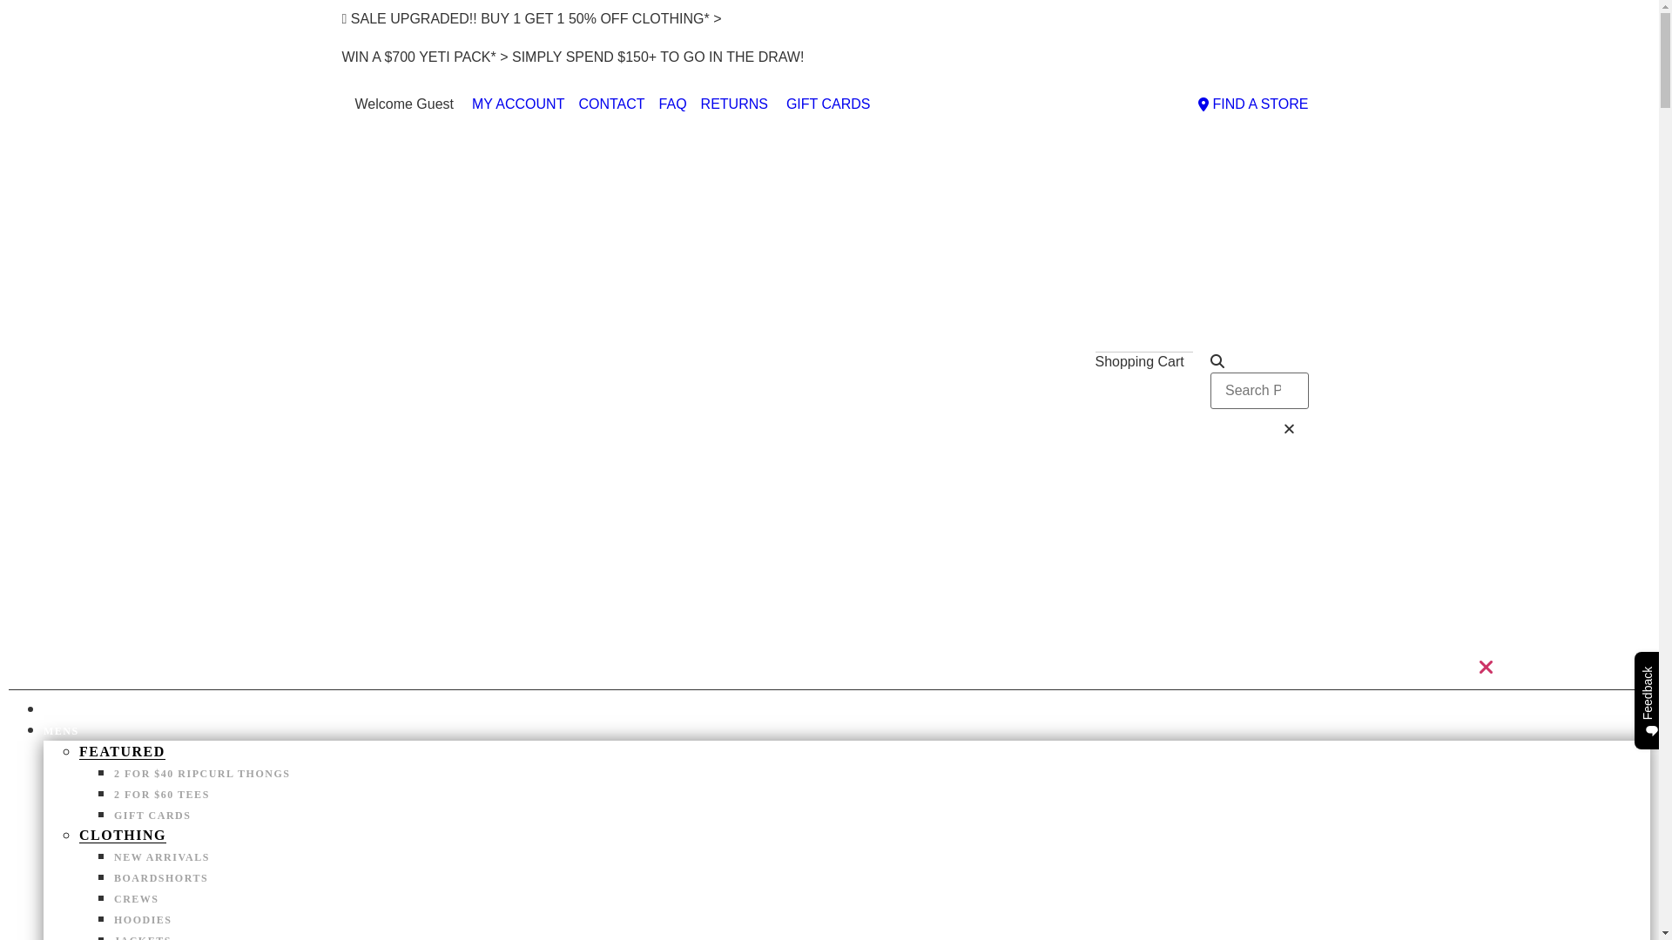  I want to click on 'MY ACCOUNT', so click(515, 104).